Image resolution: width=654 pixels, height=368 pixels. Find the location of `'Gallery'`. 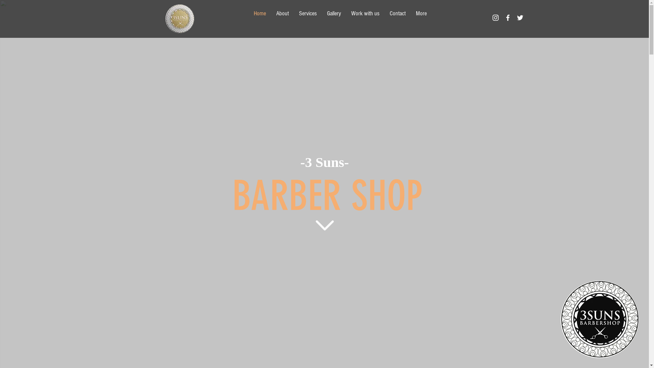

'Gallery' is located at coordinates (333, 17).